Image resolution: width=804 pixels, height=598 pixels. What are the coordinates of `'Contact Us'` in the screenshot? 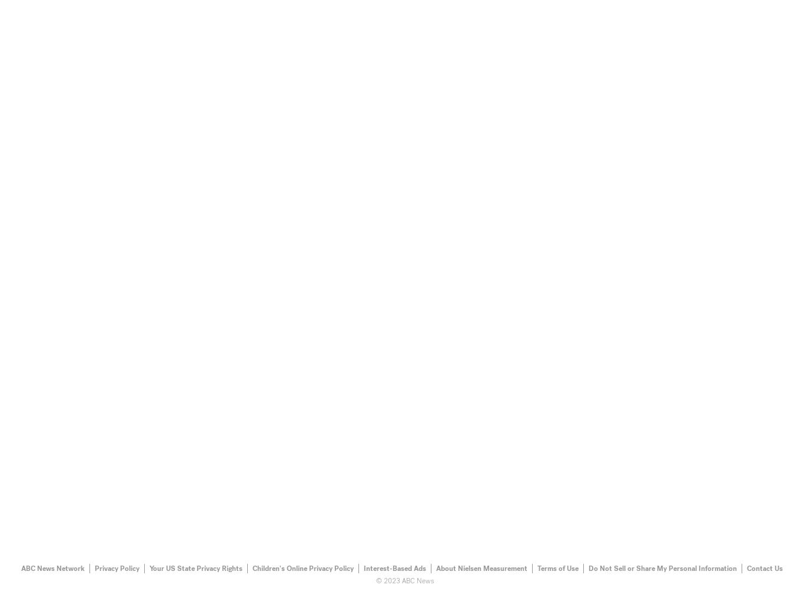 It's located at (764, 567).